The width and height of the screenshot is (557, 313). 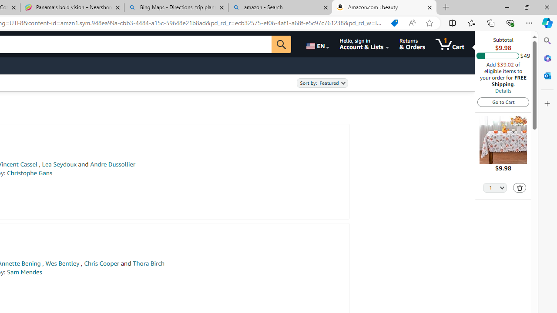 I want to click on 'Quantity Selector', so click(x=495, y=186).